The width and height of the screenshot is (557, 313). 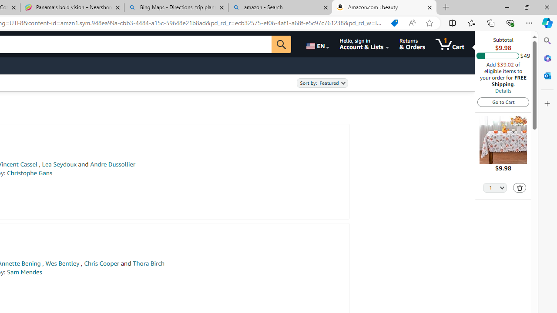 I want to click on 'Quantity Selector', so click(x=495, y=186).